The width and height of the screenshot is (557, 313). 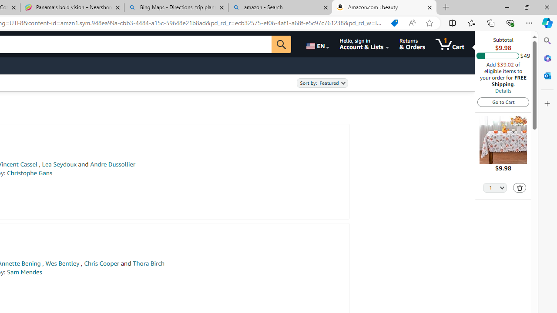 I want to click on 'Quantity Selector', so click(x=495, y=186).